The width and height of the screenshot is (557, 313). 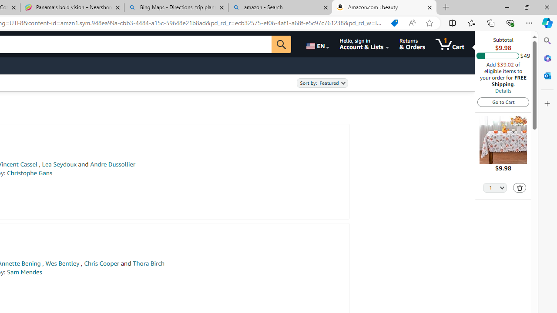 I want to click on 'Quantity Selector', so click(x=495, y=186).